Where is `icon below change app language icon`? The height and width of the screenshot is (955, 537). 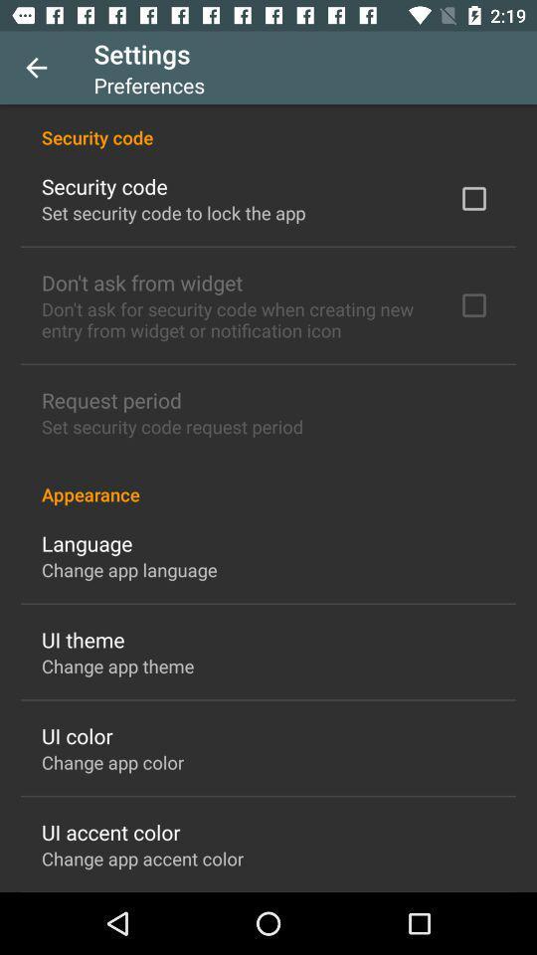 icon below change app language icon is located at coordinates (82, 639).